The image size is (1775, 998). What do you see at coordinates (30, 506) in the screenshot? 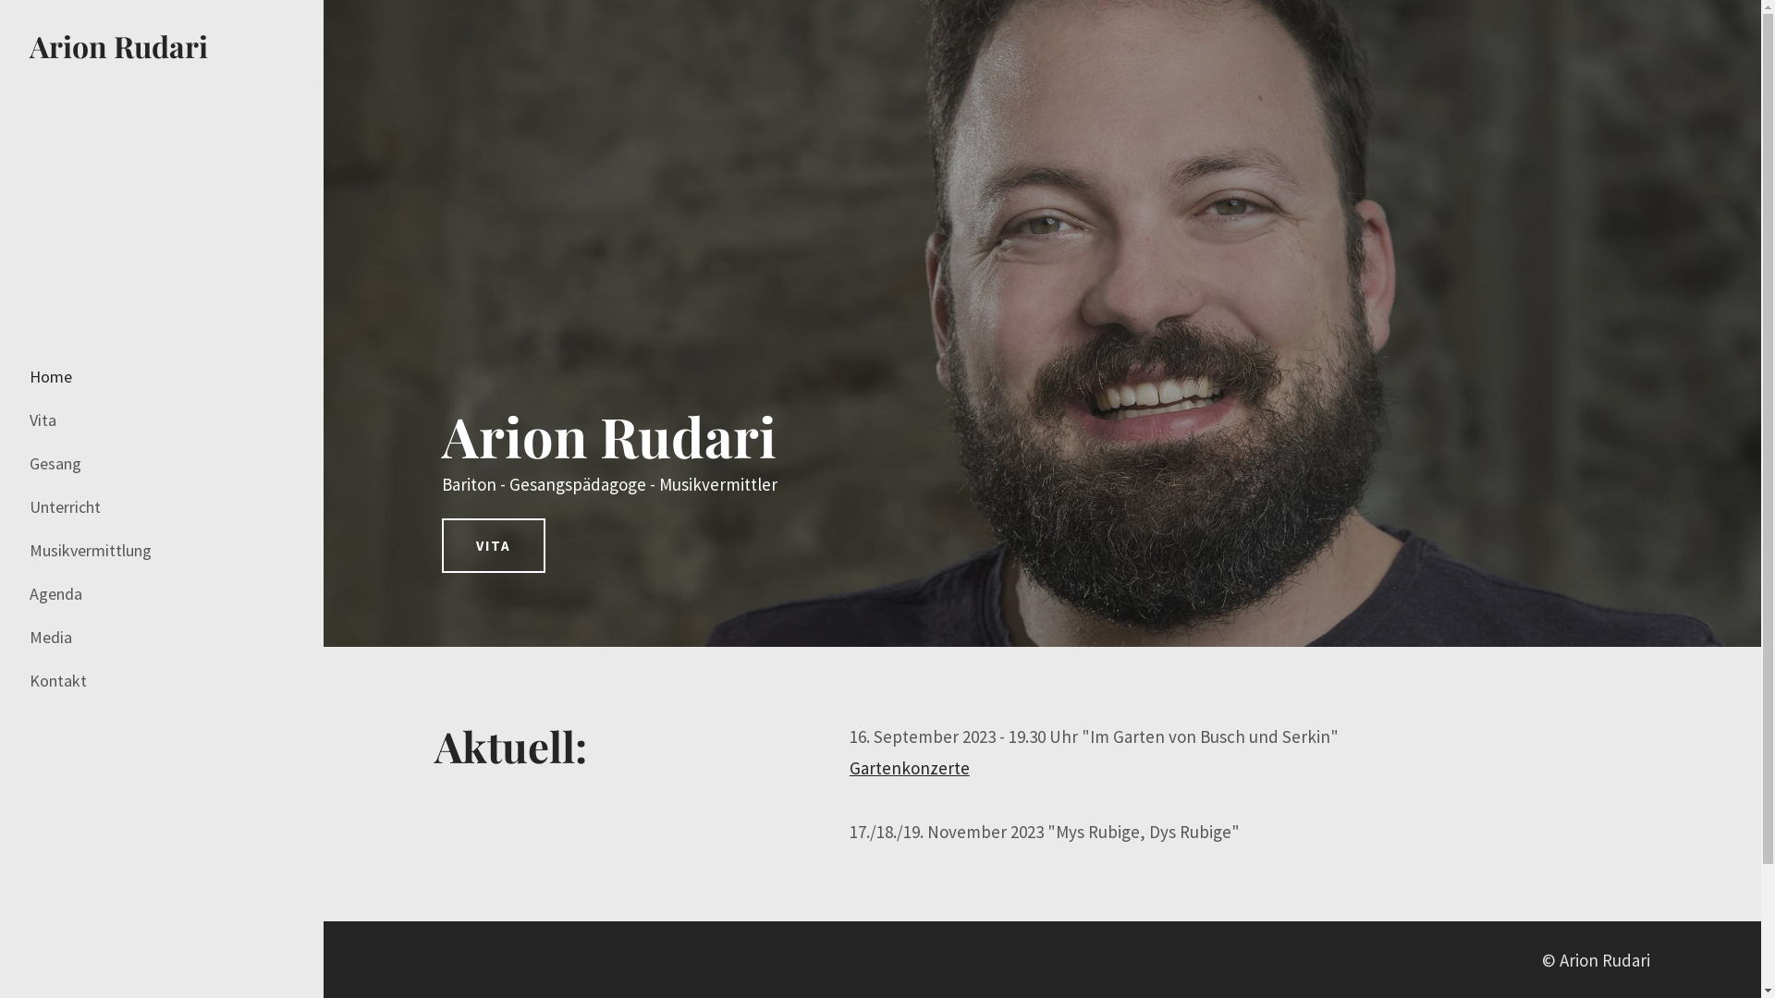
I see `'Unterricht'` at bounding box center [30, 506].